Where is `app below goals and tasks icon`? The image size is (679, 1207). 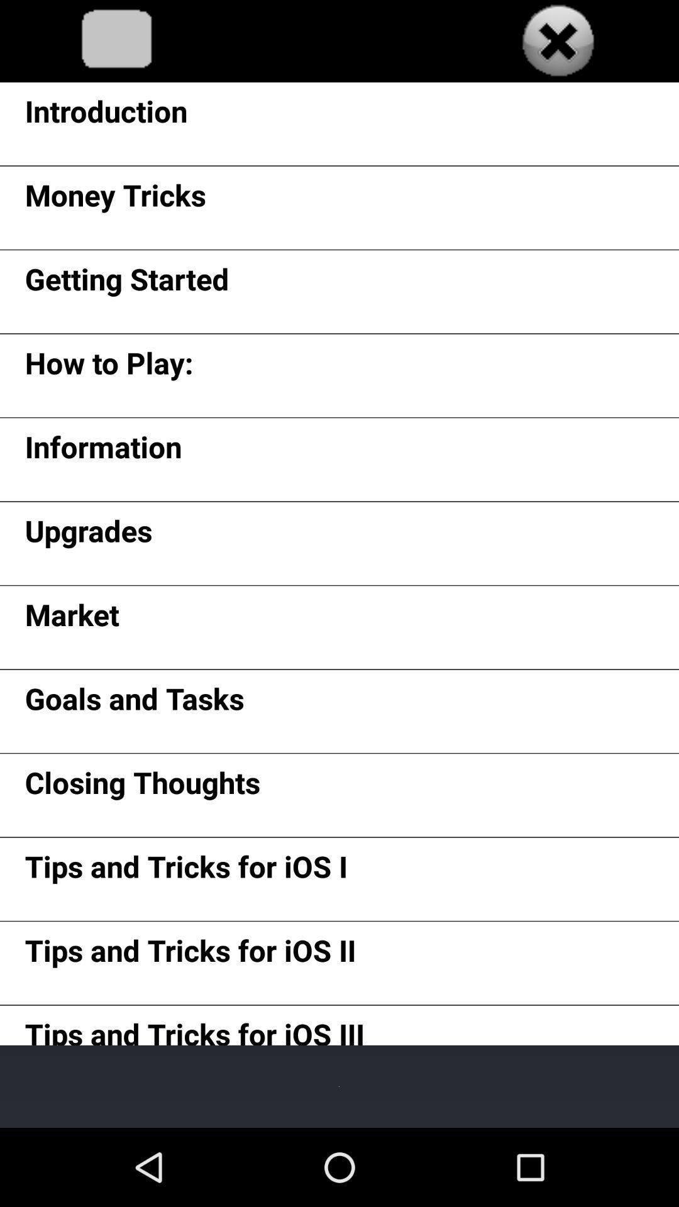 app below goals and tasks icon is located at coordinates (141, 786).